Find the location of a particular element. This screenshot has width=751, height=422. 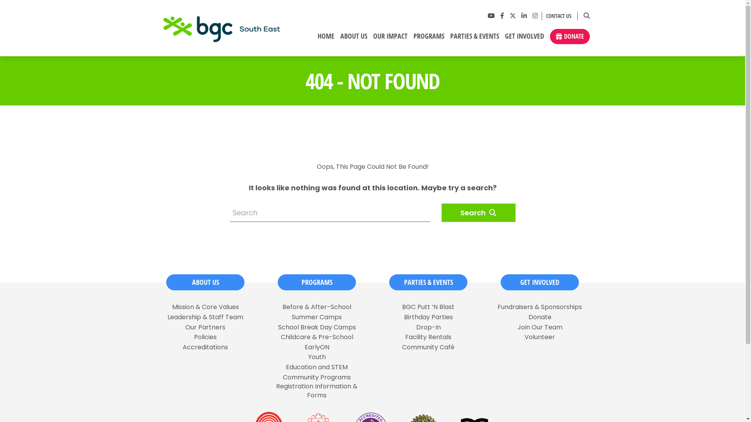

'Policies' is located at coordinates (205, 337).